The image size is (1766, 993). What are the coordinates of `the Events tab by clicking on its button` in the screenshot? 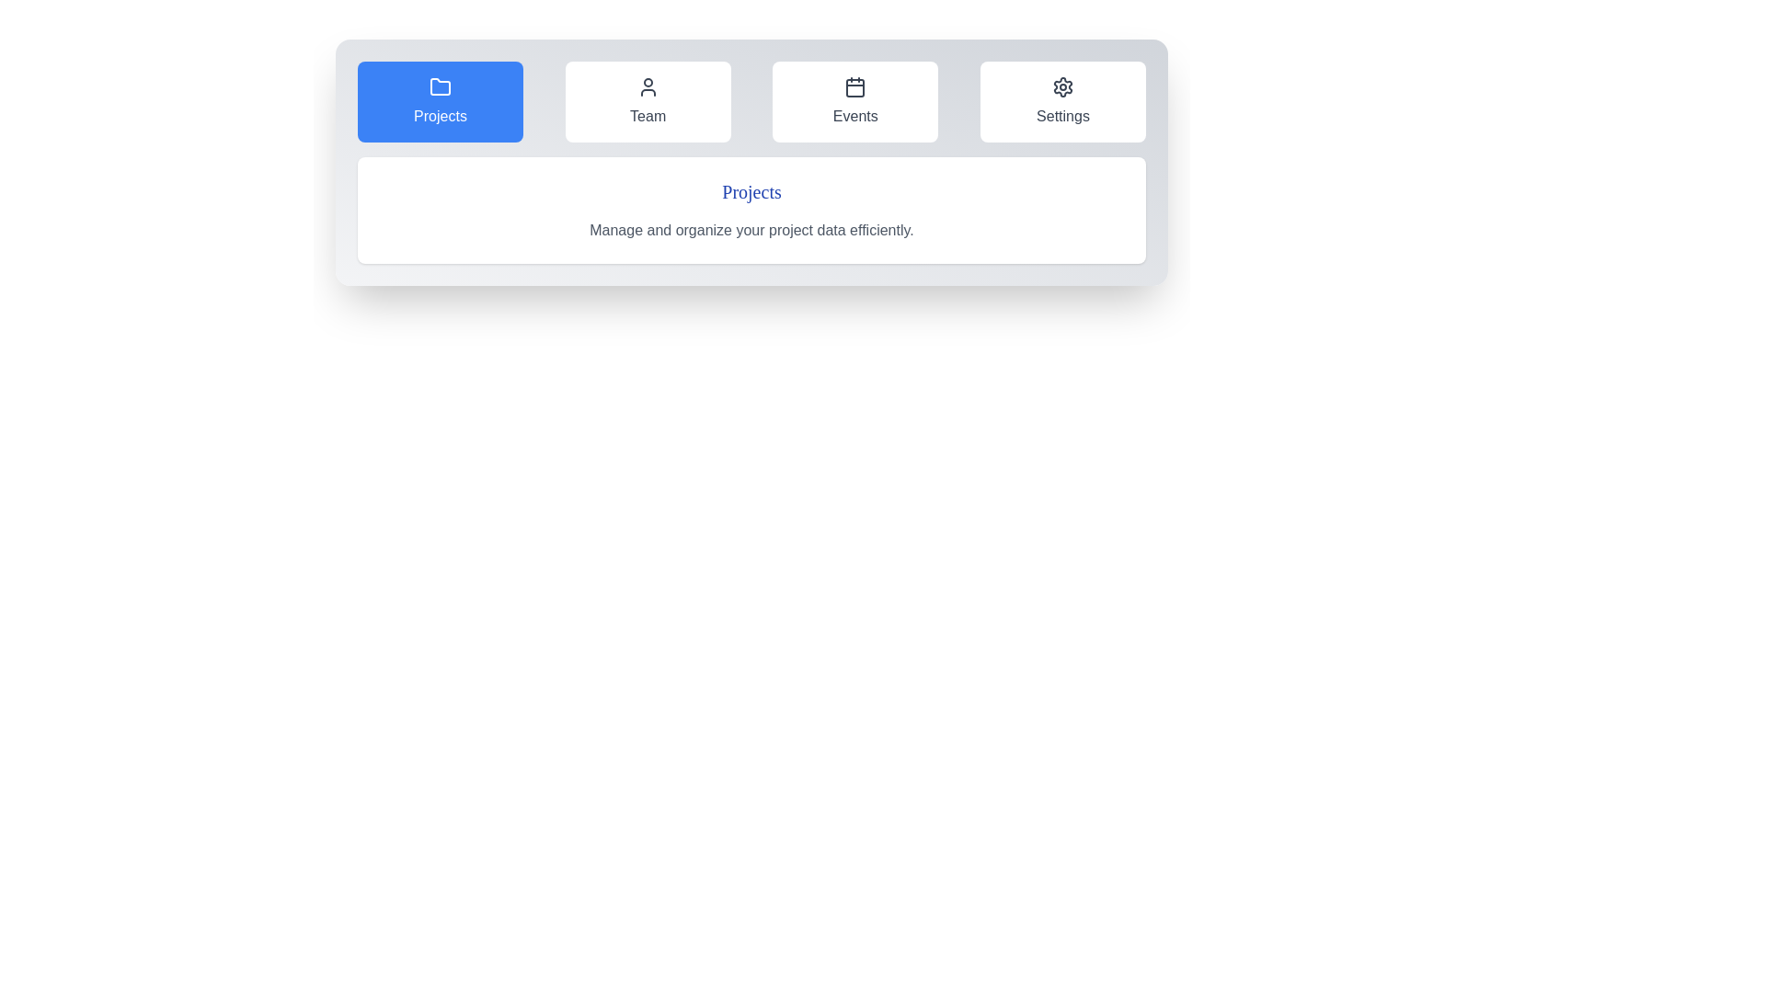 It's located at (854, 102).